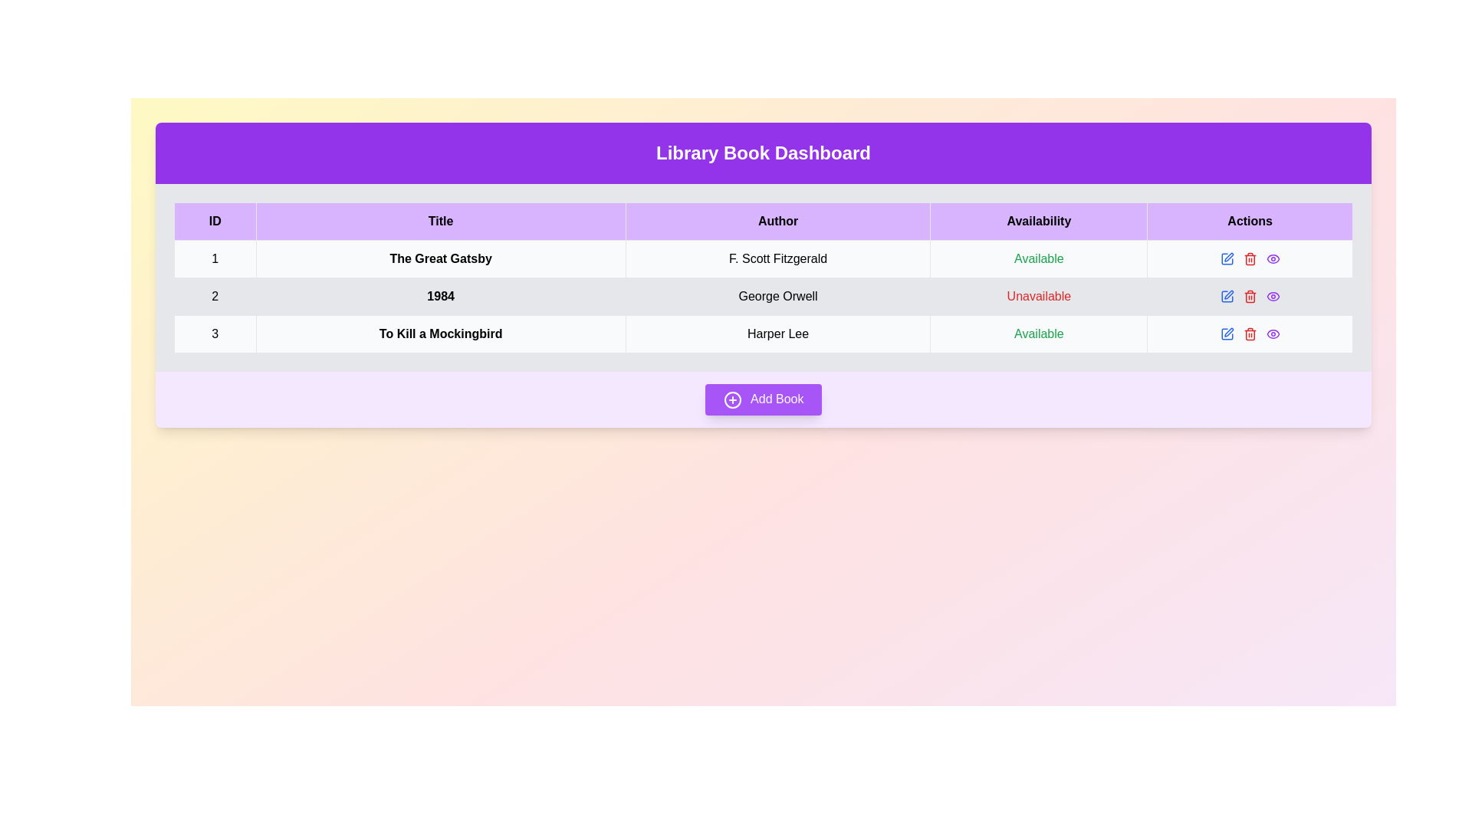  Describe the element at coordinates (1273, 258) in the screenshot. I see `the eye-shaped icon filled with purple color` at that location.